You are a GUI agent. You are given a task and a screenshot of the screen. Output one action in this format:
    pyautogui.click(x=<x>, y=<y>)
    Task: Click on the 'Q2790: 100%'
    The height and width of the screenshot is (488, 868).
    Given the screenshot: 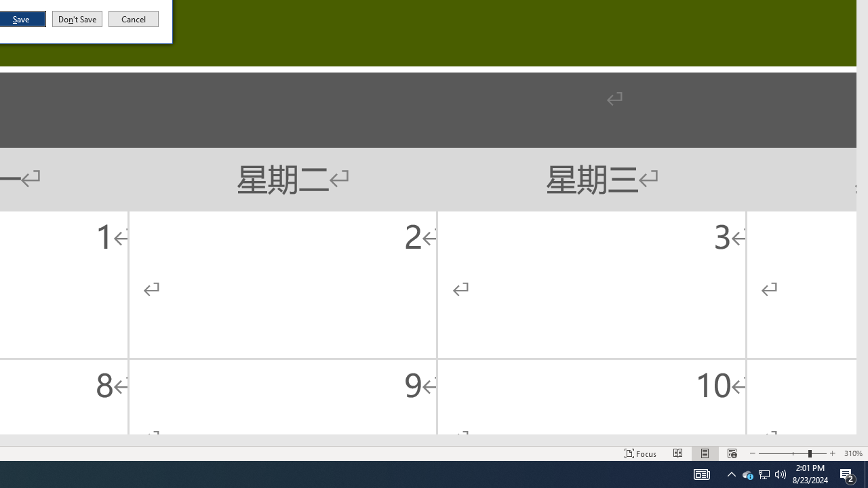 What is the action you would take?
    pyautogui.click(x=731, y=473)
    